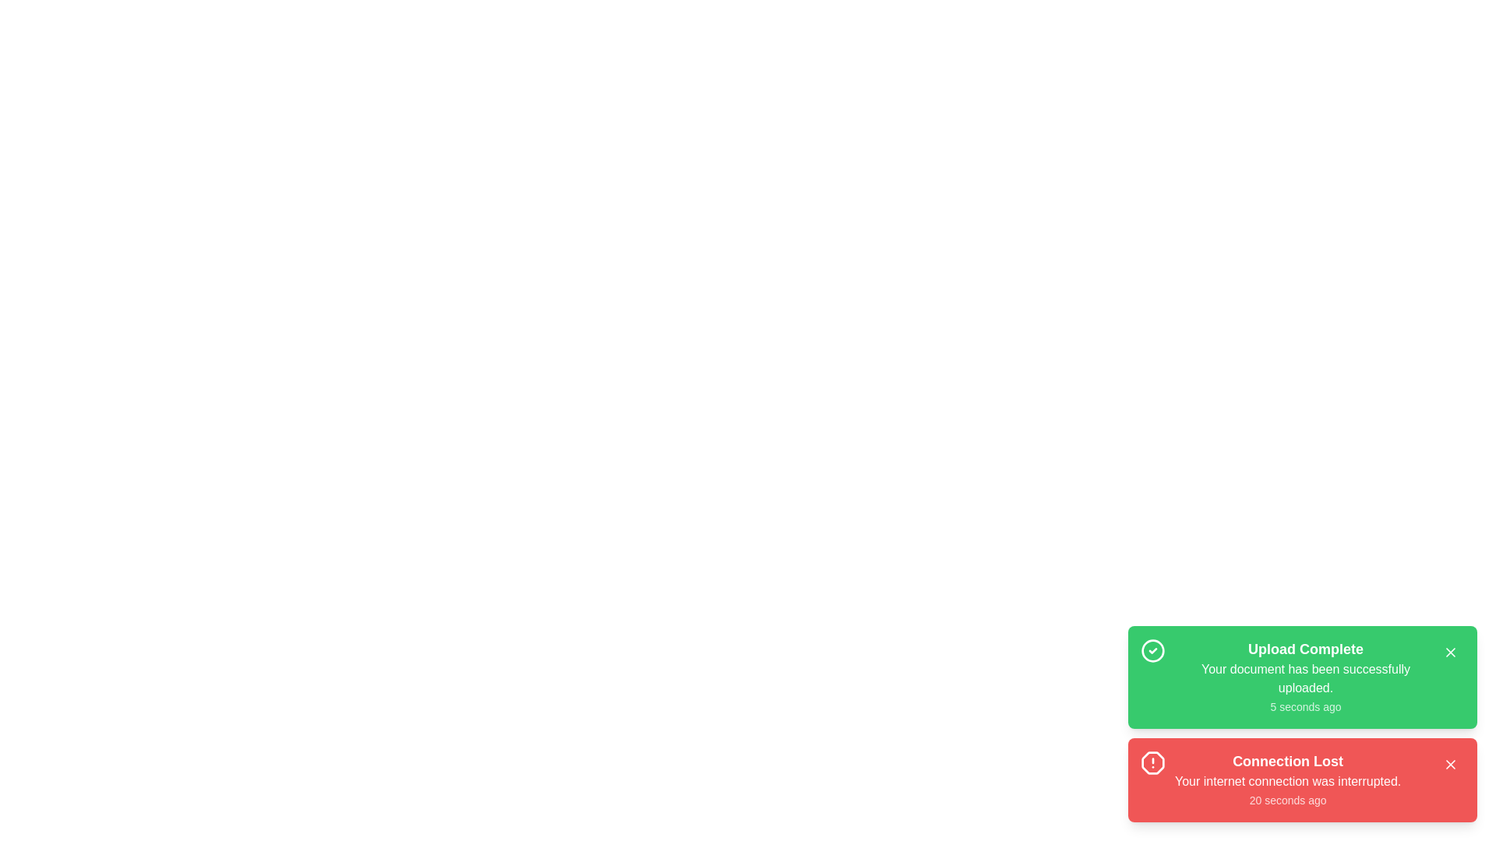  Describe the element at coordinates (1450, 764) in the screenshot. I see `close button for the snackbar with title Connection Lost` at that location.